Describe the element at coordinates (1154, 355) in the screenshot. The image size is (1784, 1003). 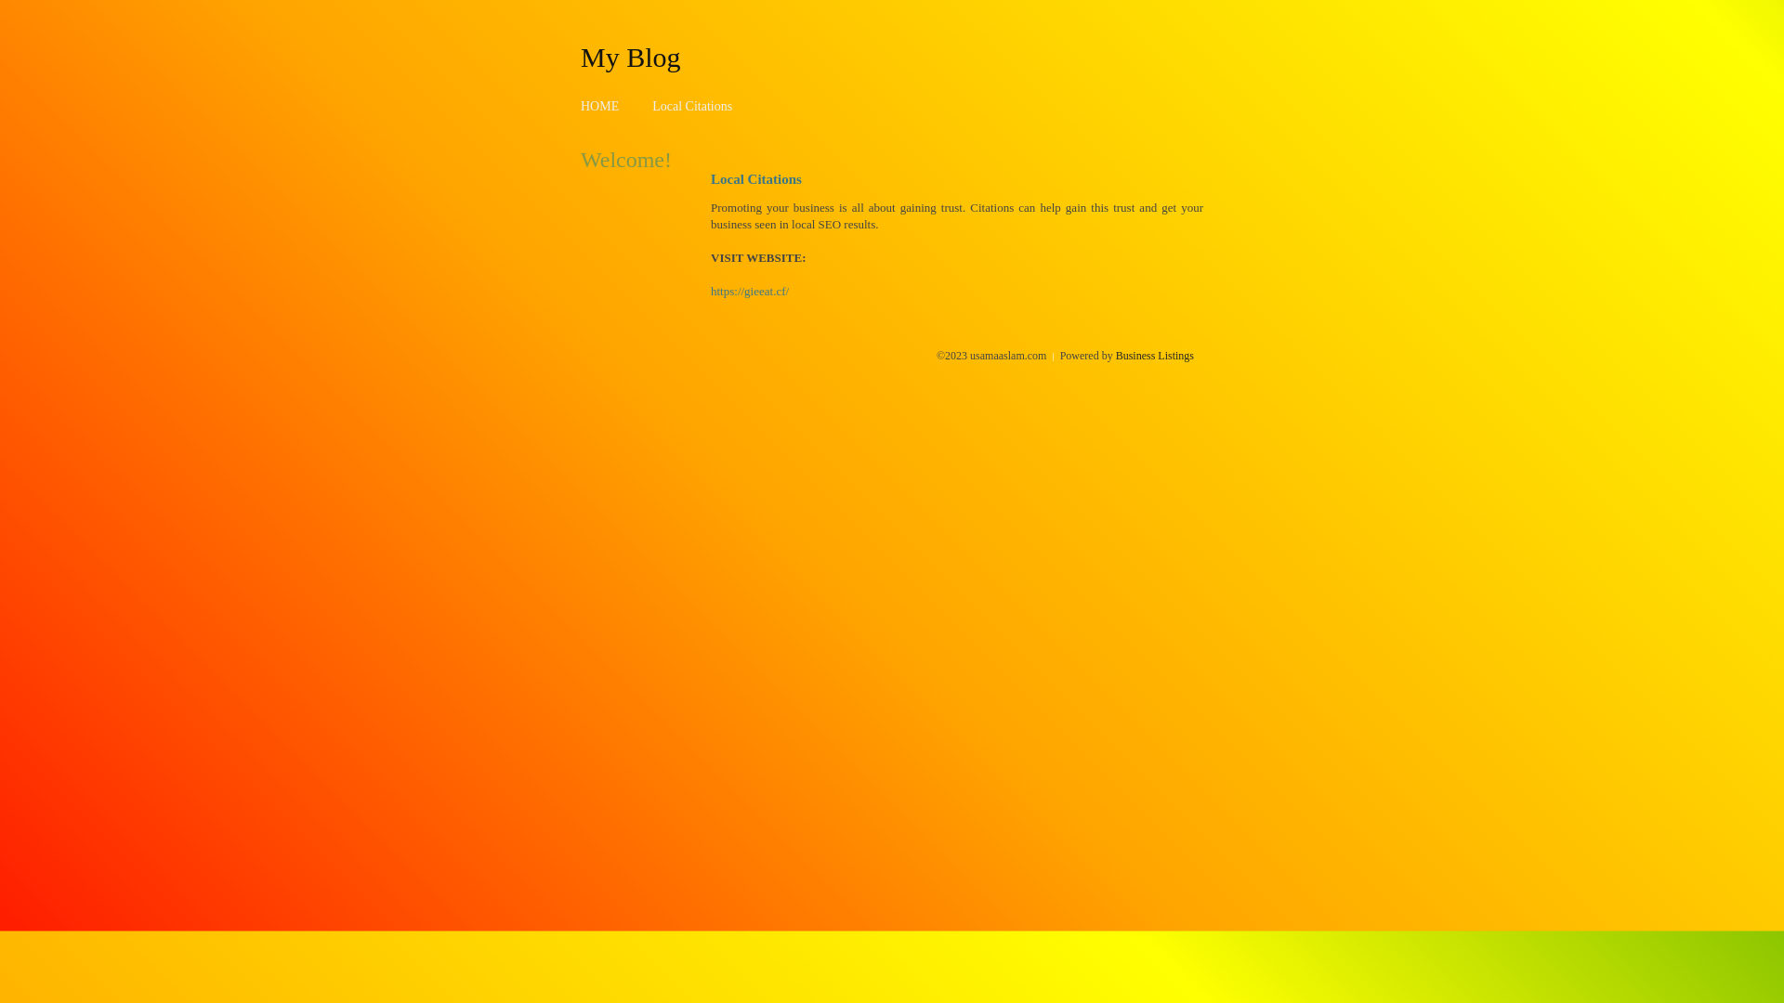
I see `'Business Listings'` at that location.